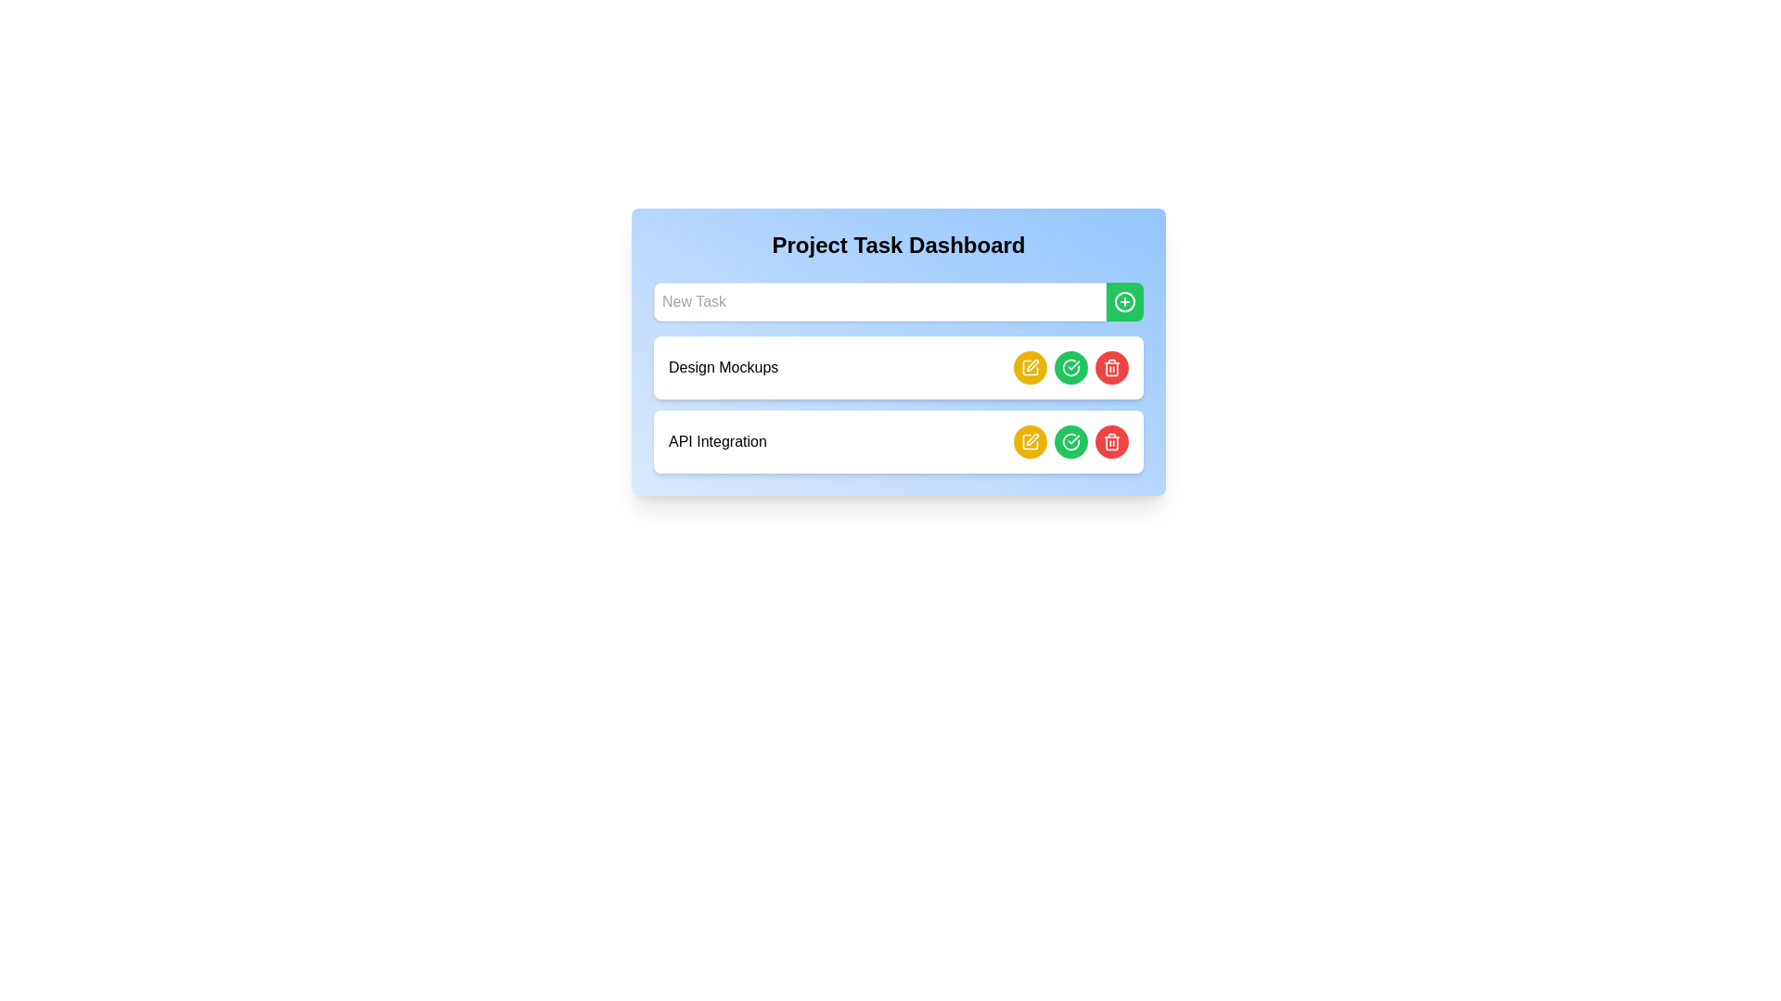 The image size is (1781, 1001). What do you see at coordinates (1112, 368) in the screenshot?
I see `the circular red button with a trash bin icon` at bounding box center [1112, 368].